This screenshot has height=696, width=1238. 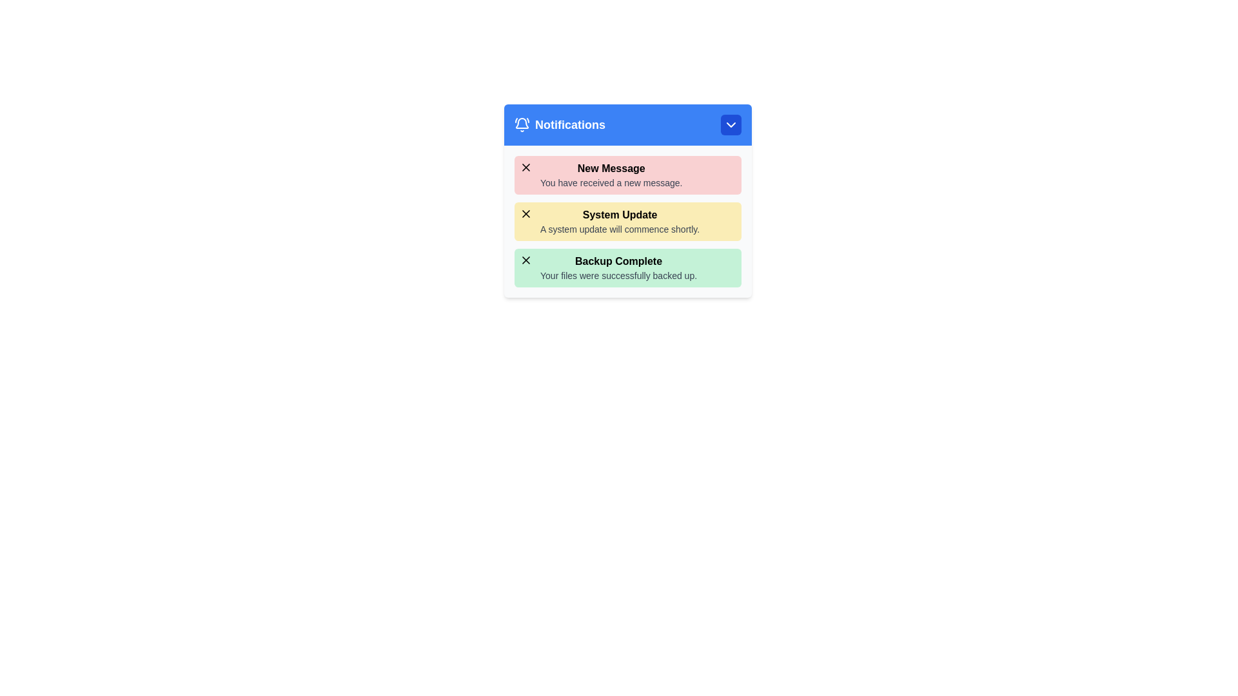 I want to click on the 'Notifications' label with the ringing bell icon located in the header bar of the notification panel, so click(x=560, y=124).